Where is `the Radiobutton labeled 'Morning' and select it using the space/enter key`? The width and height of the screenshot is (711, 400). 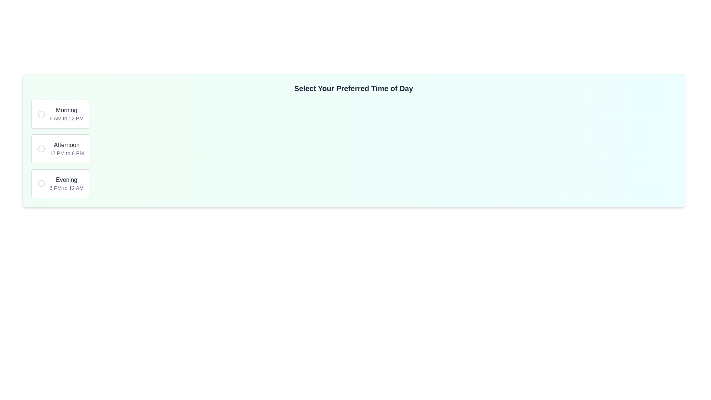
the Radiobutton labeled 'Morning' and select it using the space/enter key is located at coordinates (60, 114).